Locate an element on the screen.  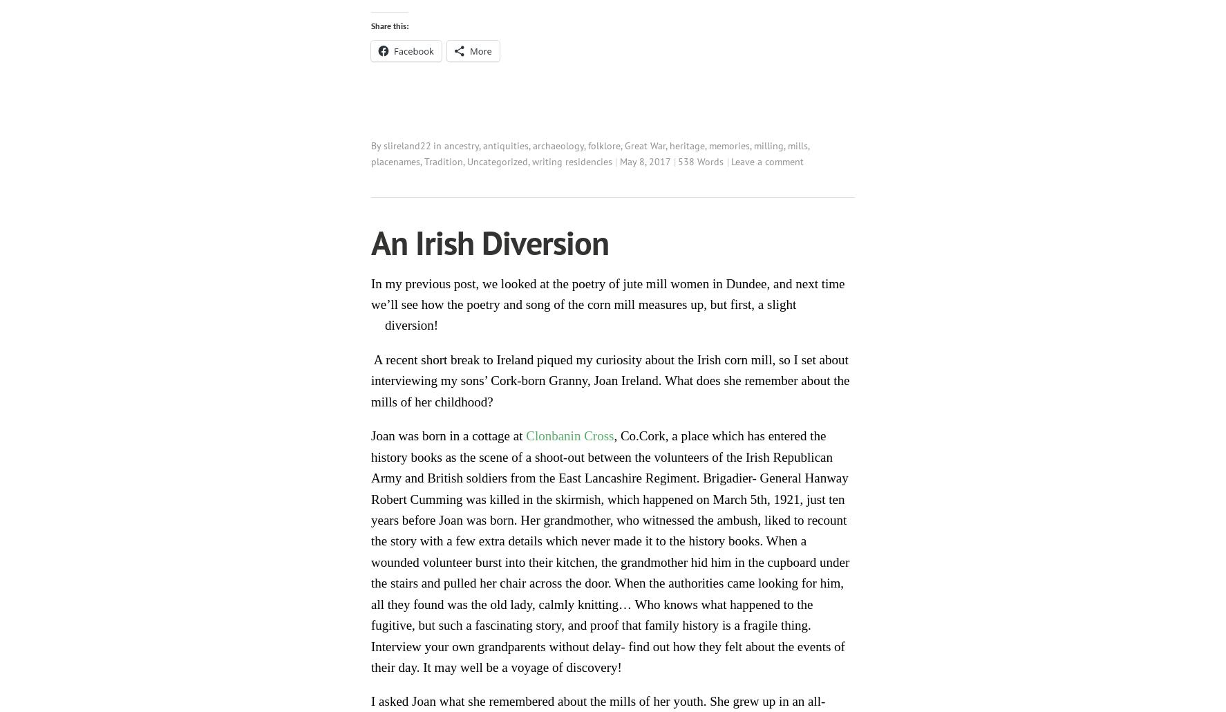
'A' is located at coordinates (375, 359).